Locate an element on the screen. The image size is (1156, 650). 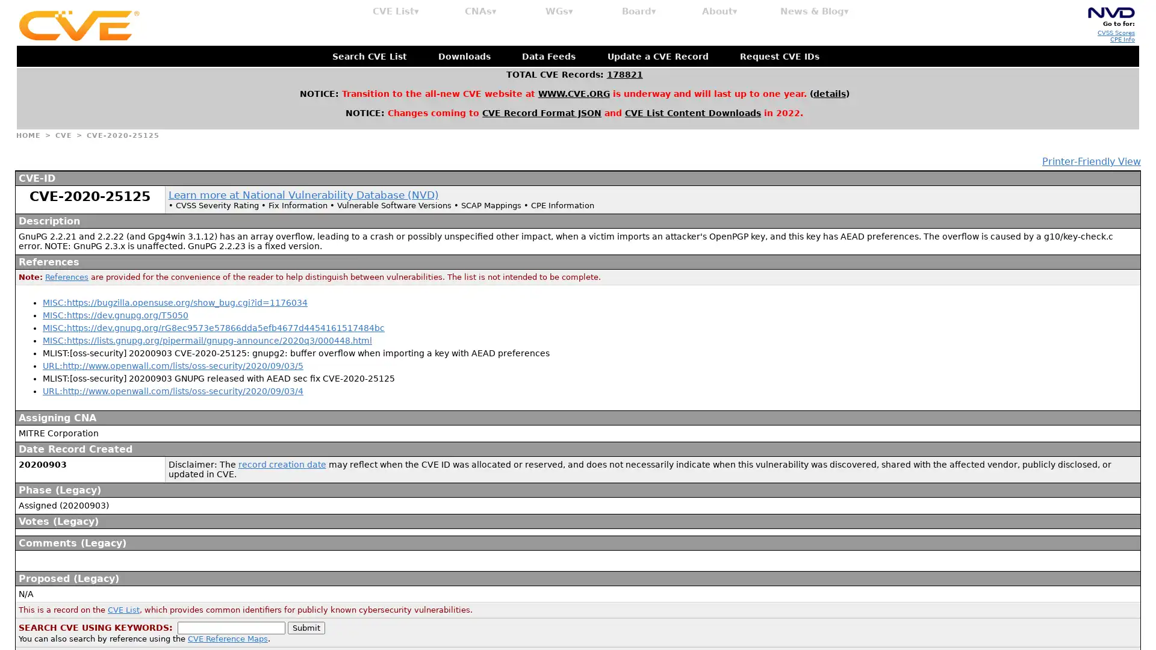
WGs is located at coordinates (559, 11).